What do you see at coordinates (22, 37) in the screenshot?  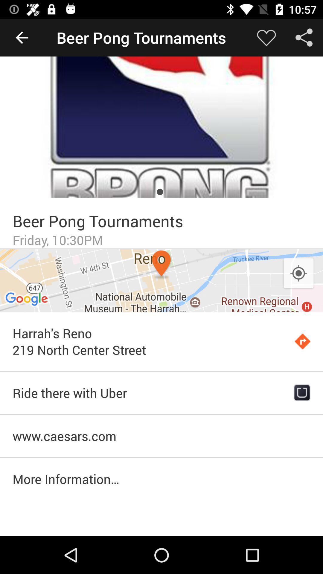 I see `item to the left of the beer pong tournaments` at bounding box center [22, 37].